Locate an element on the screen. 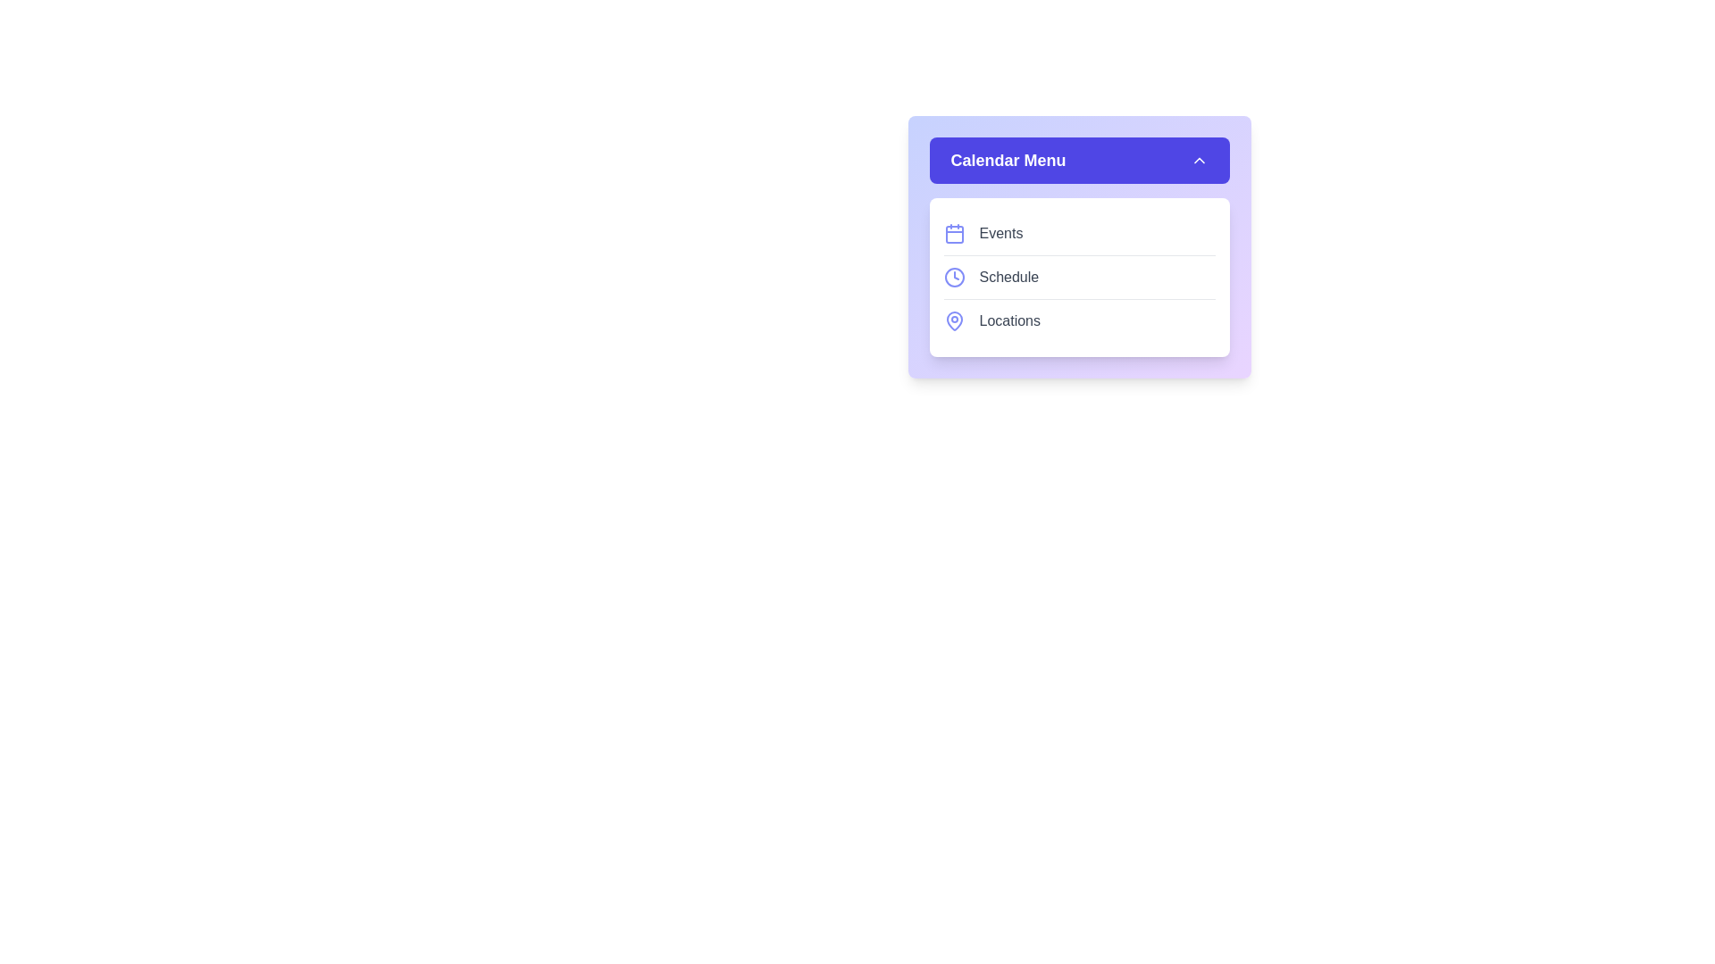 This screenshot has height=964, width=1715. the menu item Locations to select it is located at coordinates (1078, 320).